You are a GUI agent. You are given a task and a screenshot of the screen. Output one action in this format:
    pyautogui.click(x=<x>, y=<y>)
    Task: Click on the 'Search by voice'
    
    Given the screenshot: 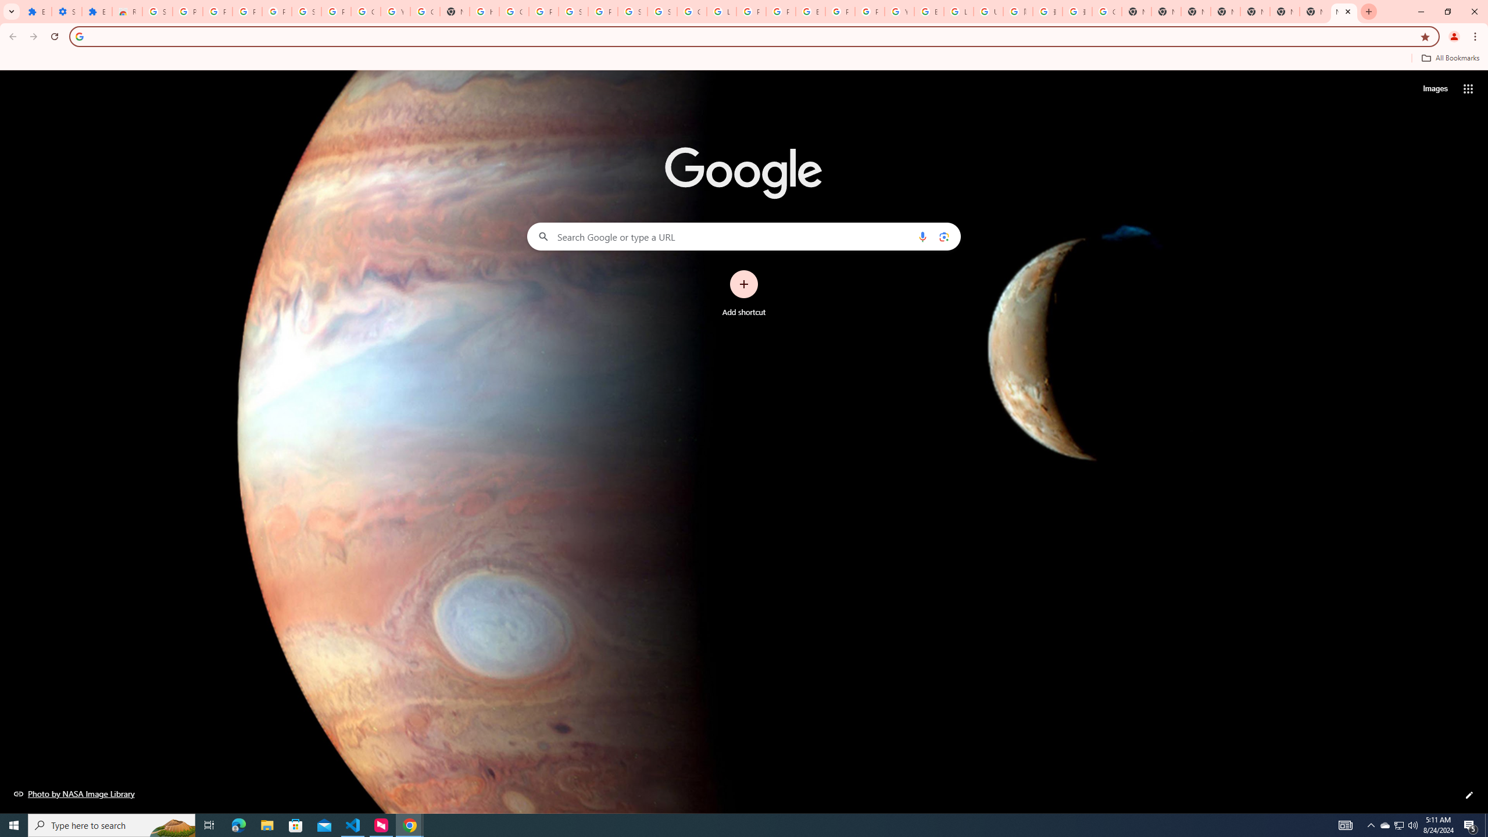 What is the action you would take?
    pyautogui.click(x=922, y=235)
    